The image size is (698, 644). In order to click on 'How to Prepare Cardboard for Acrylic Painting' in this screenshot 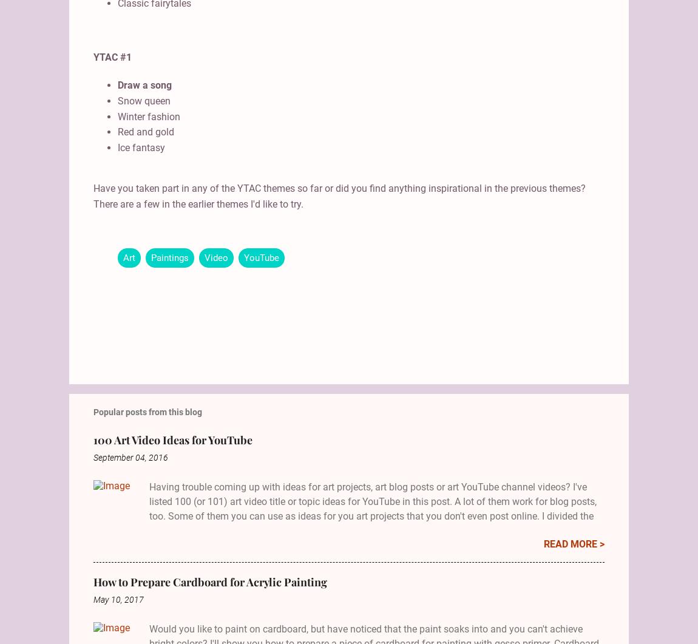, I will do `click(210, 580)`.